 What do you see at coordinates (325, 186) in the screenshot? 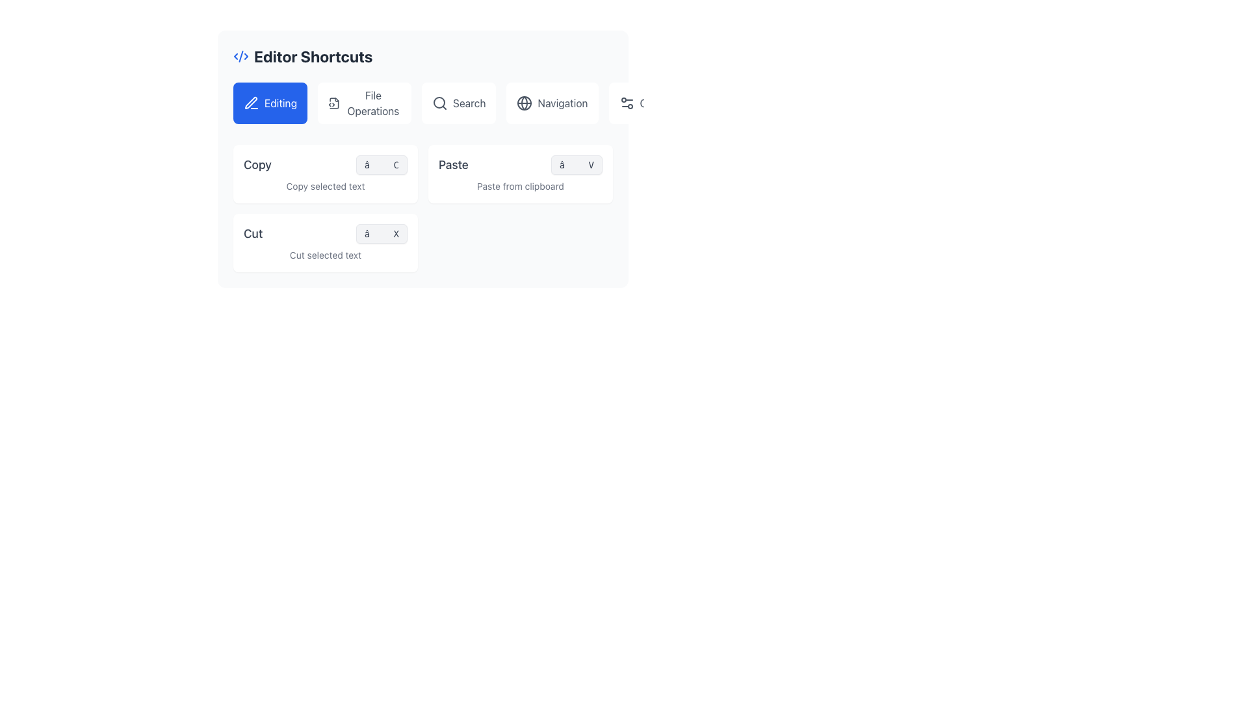
I see `the Text Label that indicates the functionality of the copy action, located below the 'Copy' headline and under the shorthand icon '⌘ C'` at bounding box center [325, 186].